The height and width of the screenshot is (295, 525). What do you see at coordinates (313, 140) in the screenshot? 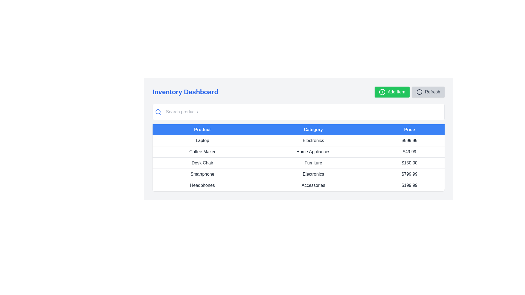
I see `the Static text label that identifies the category for the 'Laptop' product, positioned between the 'Laptop' label and the price value '$999.99'` at bounding box center [313, 140].